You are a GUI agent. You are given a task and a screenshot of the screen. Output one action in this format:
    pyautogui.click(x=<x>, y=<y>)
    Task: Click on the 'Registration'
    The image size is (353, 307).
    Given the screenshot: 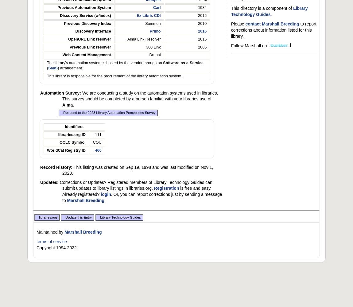 What is the action you would take?
    pyautogui.click(x=166, y=188)
    